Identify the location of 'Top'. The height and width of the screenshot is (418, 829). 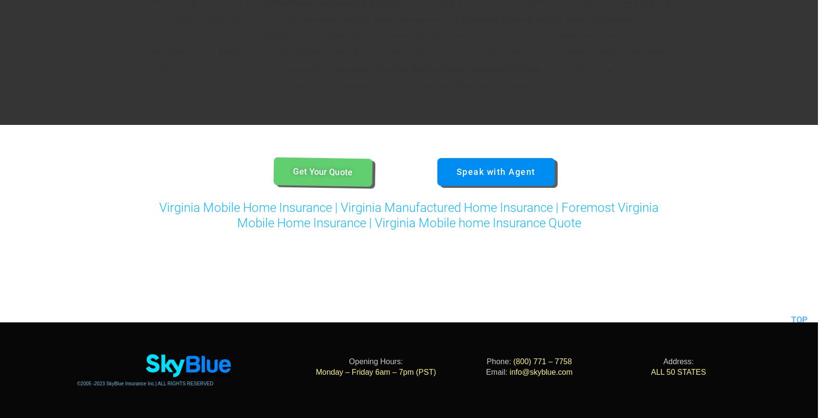
(799, 304).